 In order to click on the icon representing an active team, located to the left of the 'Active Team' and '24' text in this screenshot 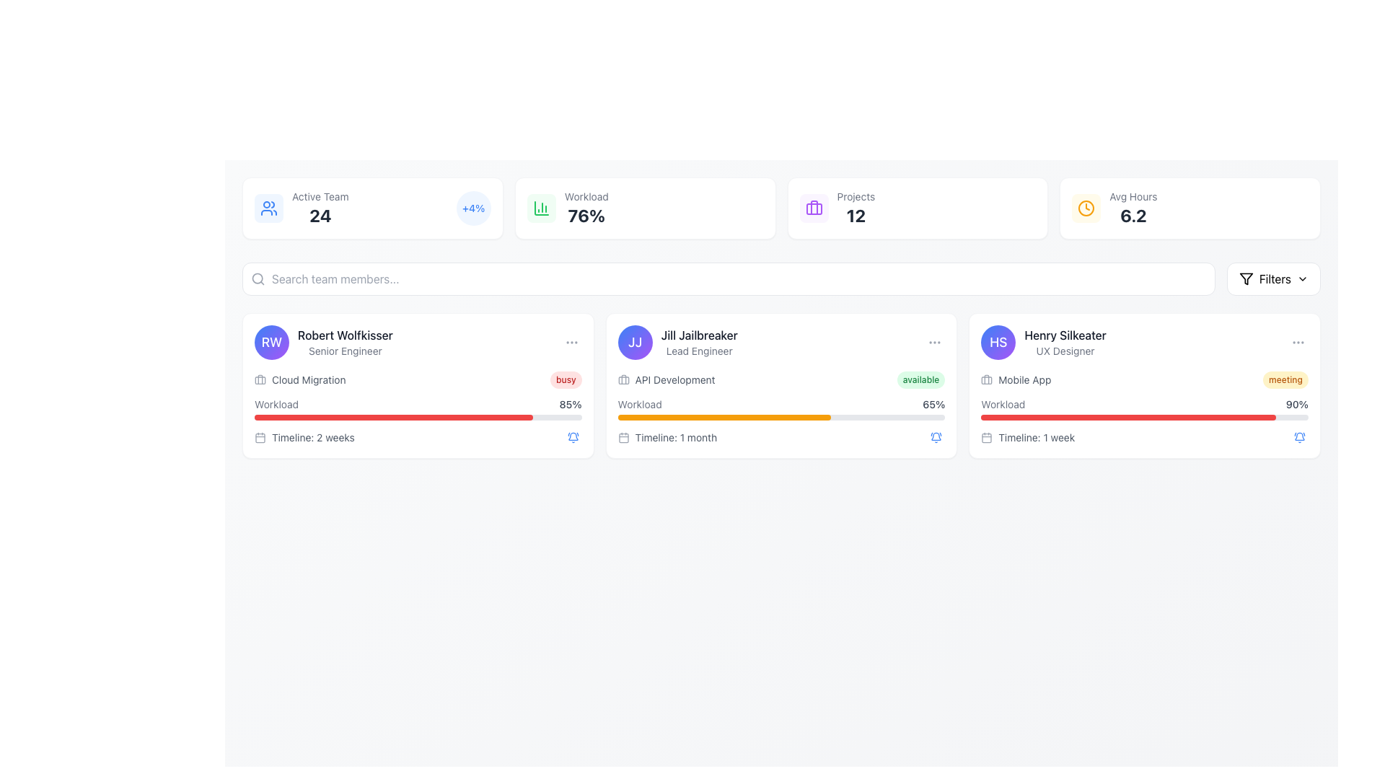, I will do `click(269, 208)`.